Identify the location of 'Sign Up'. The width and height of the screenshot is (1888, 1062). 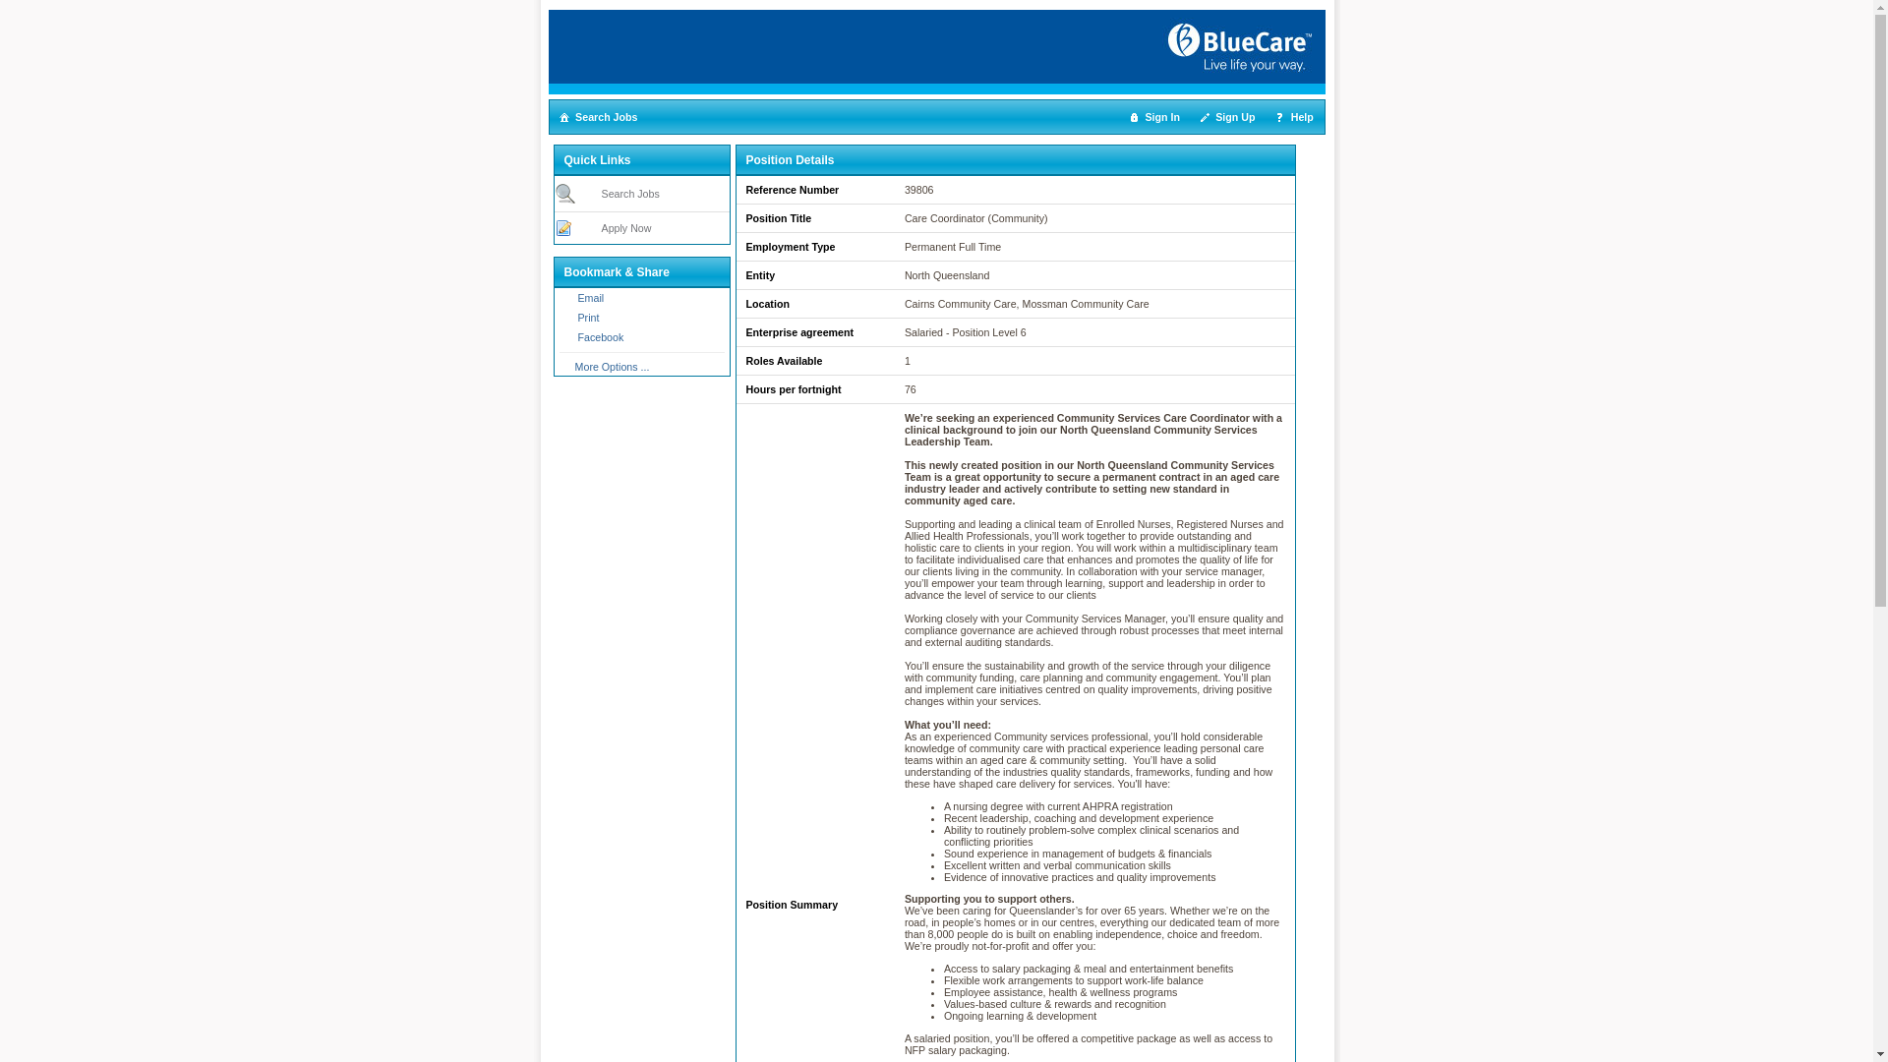
(1227, 117).